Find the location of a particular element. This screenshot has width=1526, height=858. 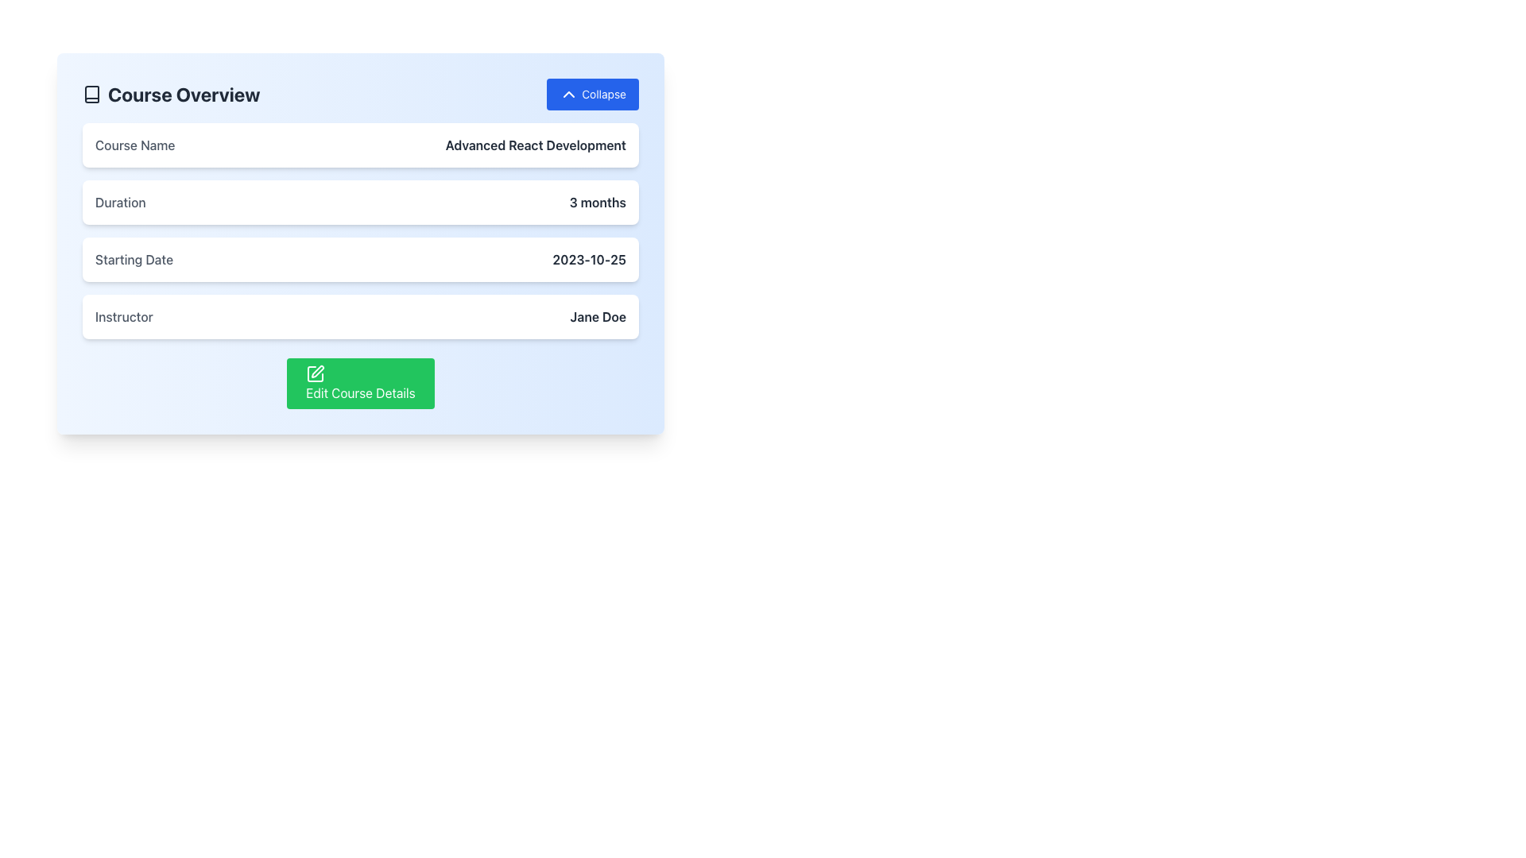

the text label '3 months' which is styled in dark gray and bold, located on the right end of the row labeled 'Duration' in the course details card is located at coordinates (597, 201).